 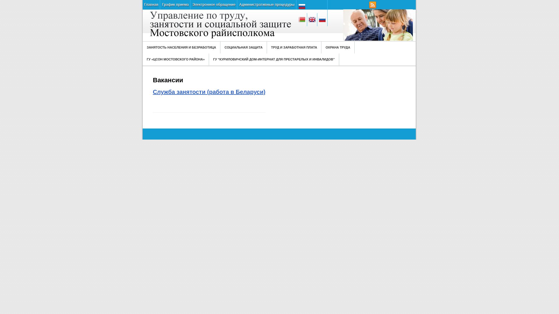 I want to click on 'Russian', so click(x=322, y=19).